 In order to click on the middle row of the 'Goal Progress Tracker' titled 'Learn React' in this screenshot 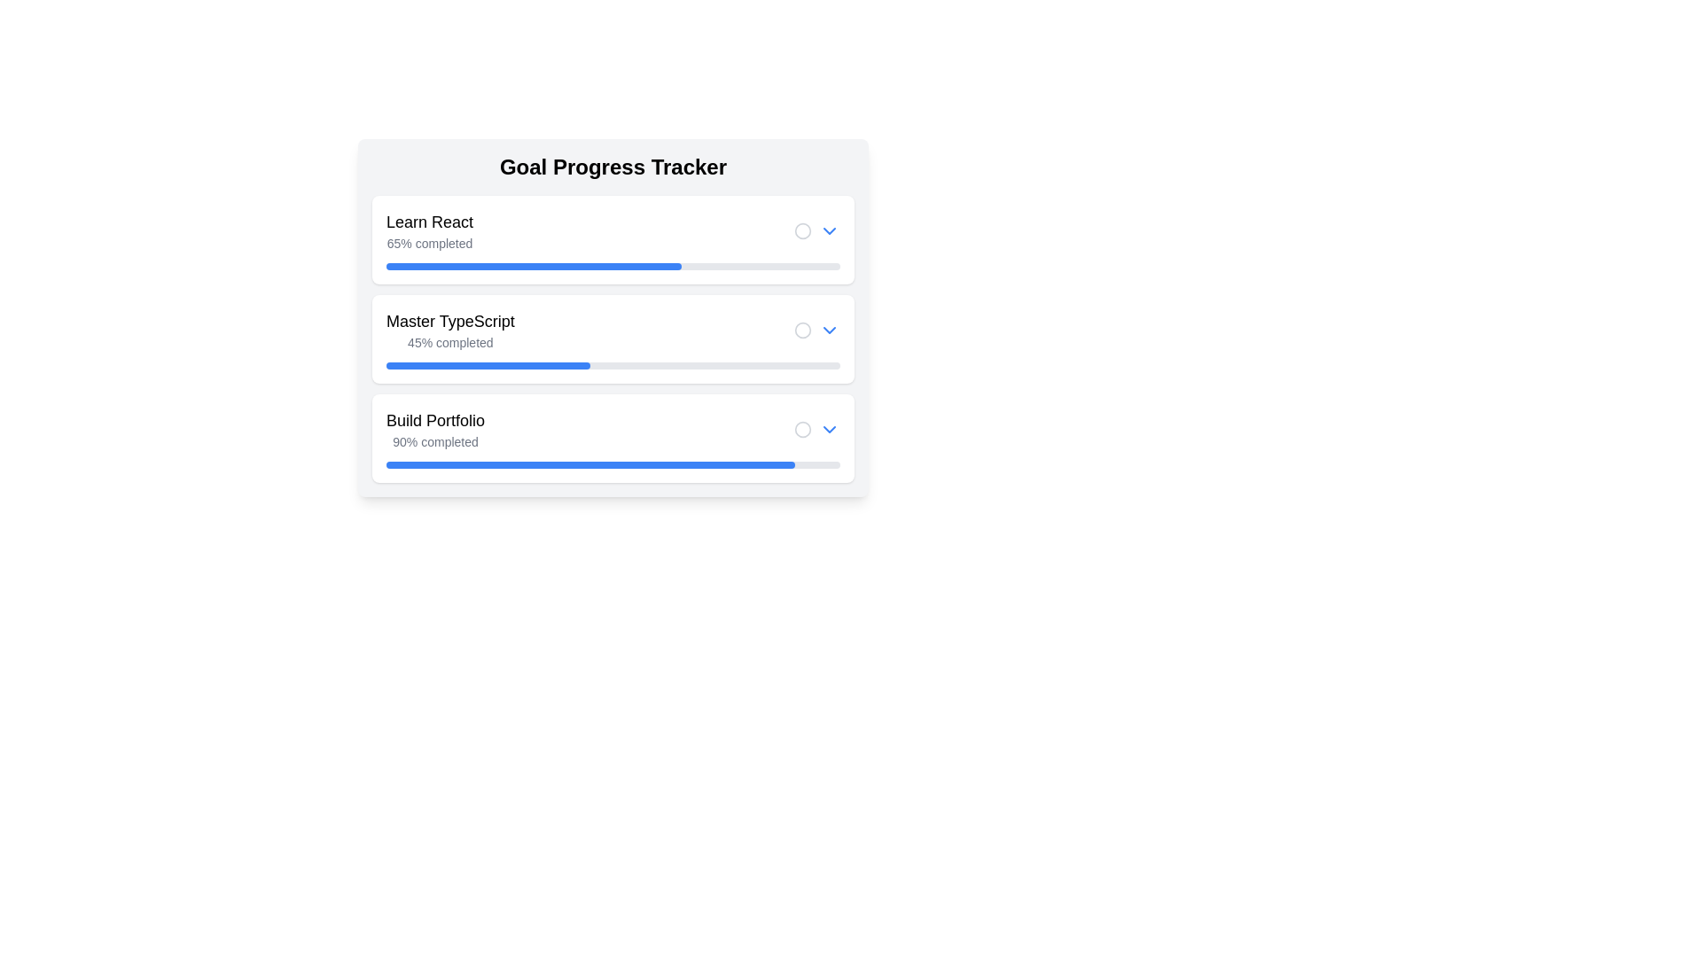, I will do `click(613, 316)`.